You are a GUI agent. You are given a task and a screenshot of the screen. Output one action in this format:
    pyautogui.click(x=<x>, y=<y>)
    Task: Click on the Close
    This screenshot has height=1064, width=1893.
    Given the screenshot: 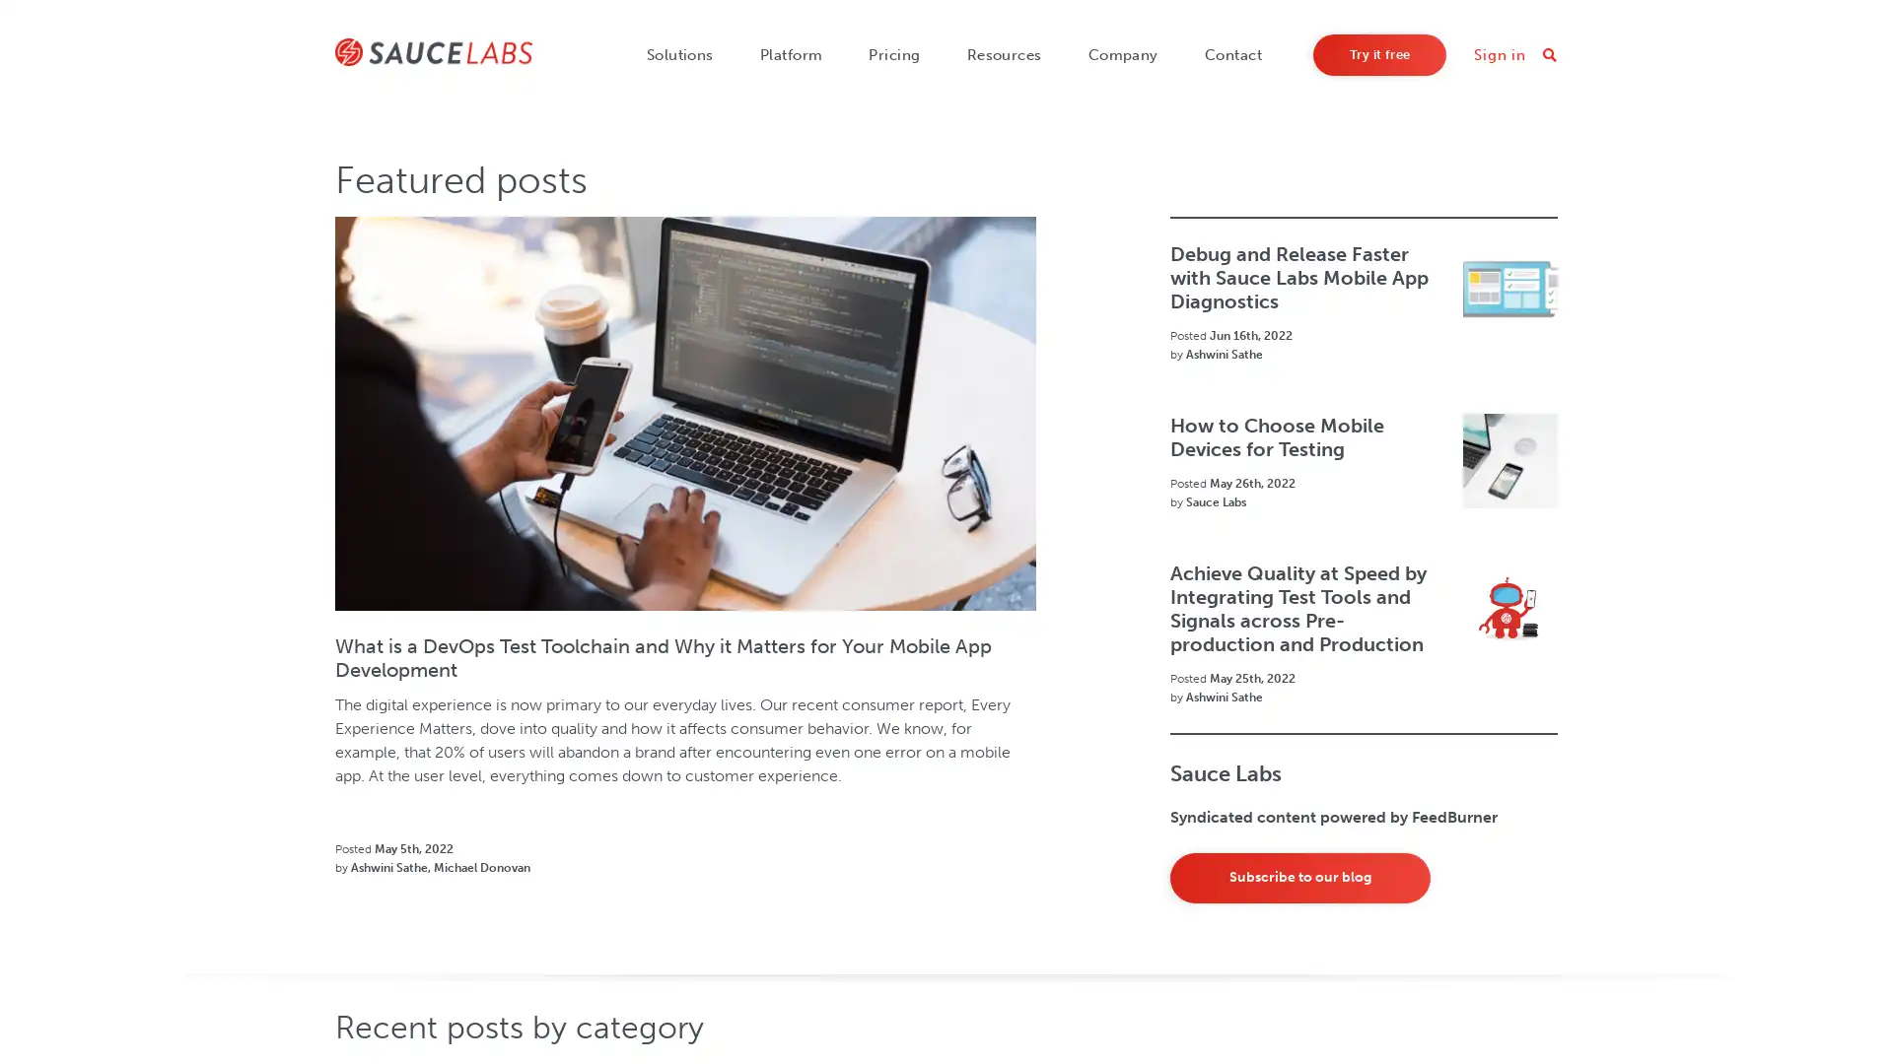 What is the action you would take?
    pyautogui.click(x=1859, y=1003)
    